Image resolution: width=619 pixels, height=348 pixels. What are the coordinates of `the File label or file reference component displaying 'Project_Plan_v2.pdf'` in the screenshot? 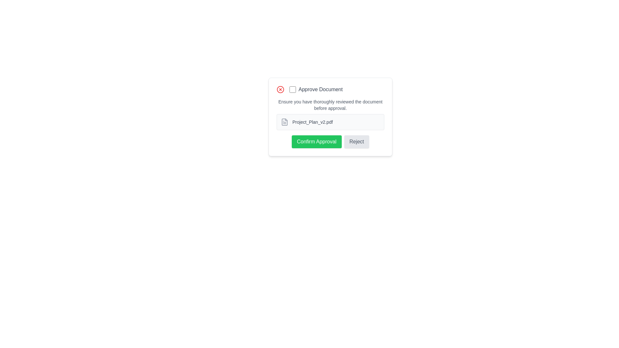 It's located at (330, 122).